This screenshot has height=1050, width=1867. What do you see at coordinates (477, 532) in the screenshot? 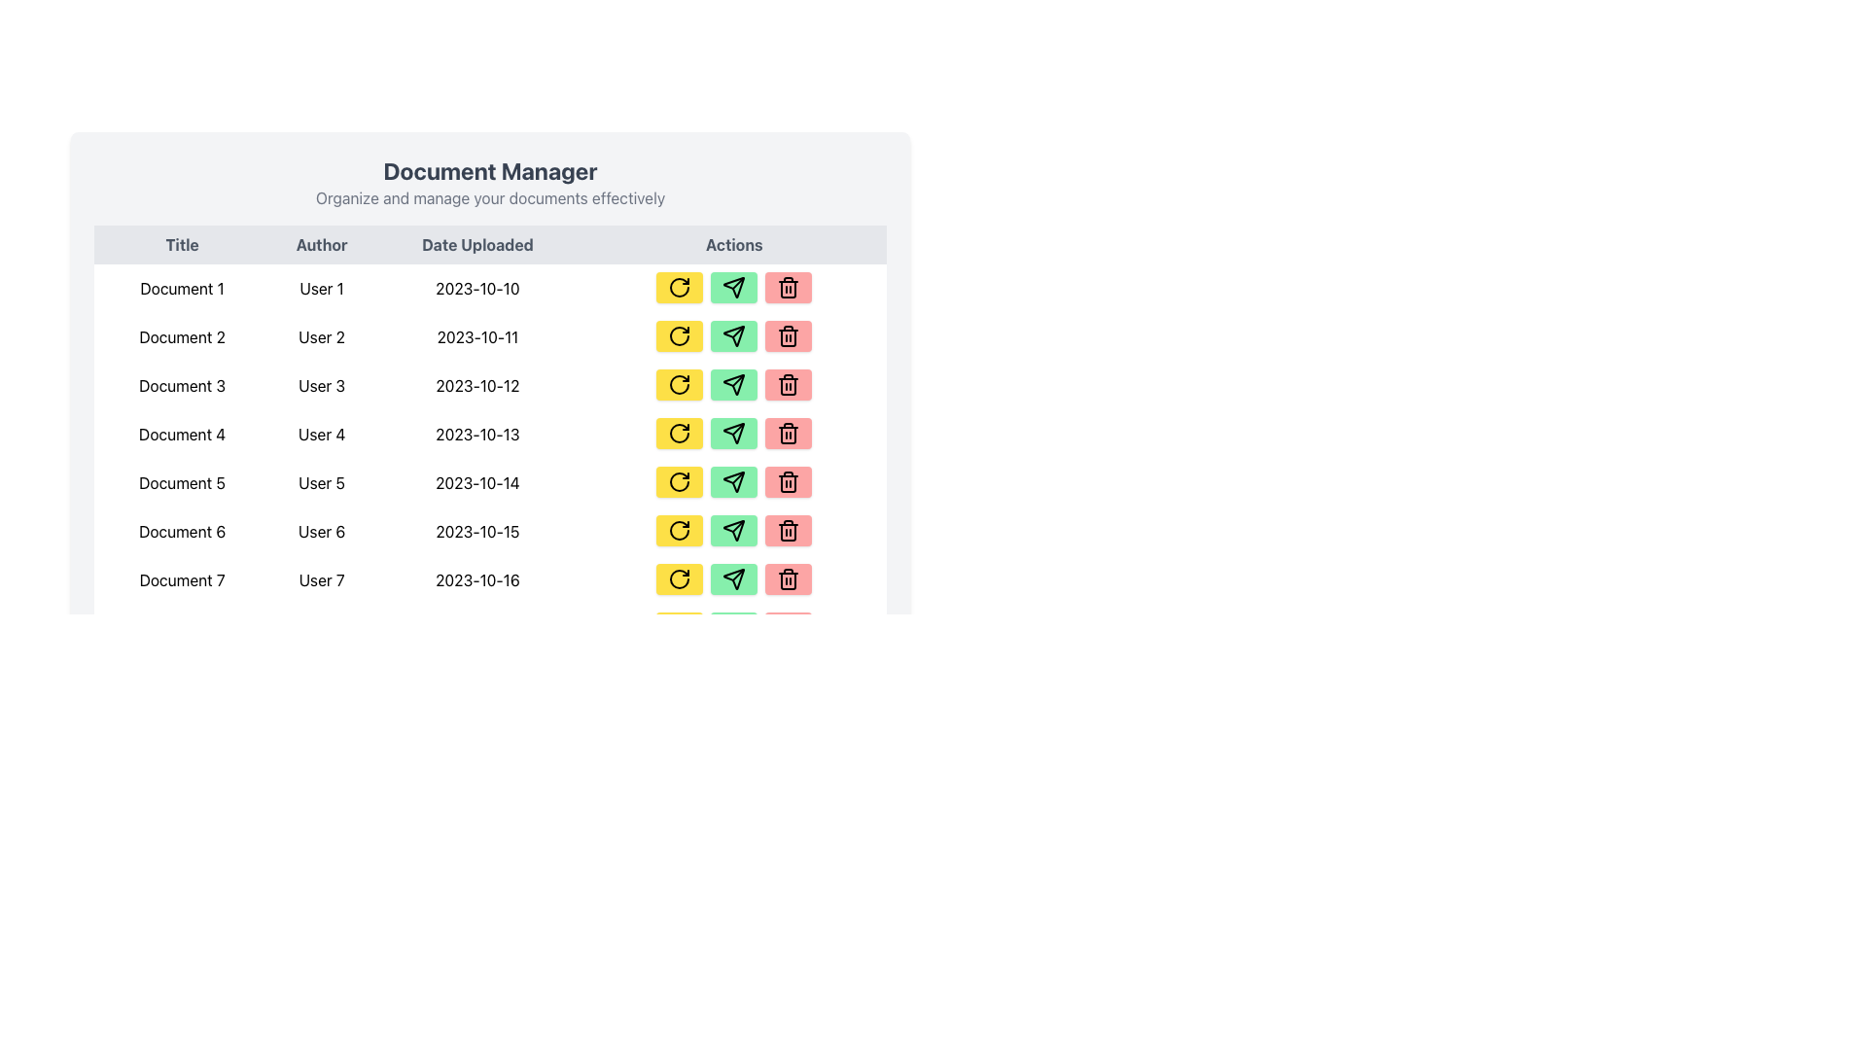
I see `the text displaying the upload date for the document in the sixth row of the table, located under the 'Date Uploaded' column, which is horizontally aligned with 'Document 6' and 'User 6'` at bounding box center [477, 532].